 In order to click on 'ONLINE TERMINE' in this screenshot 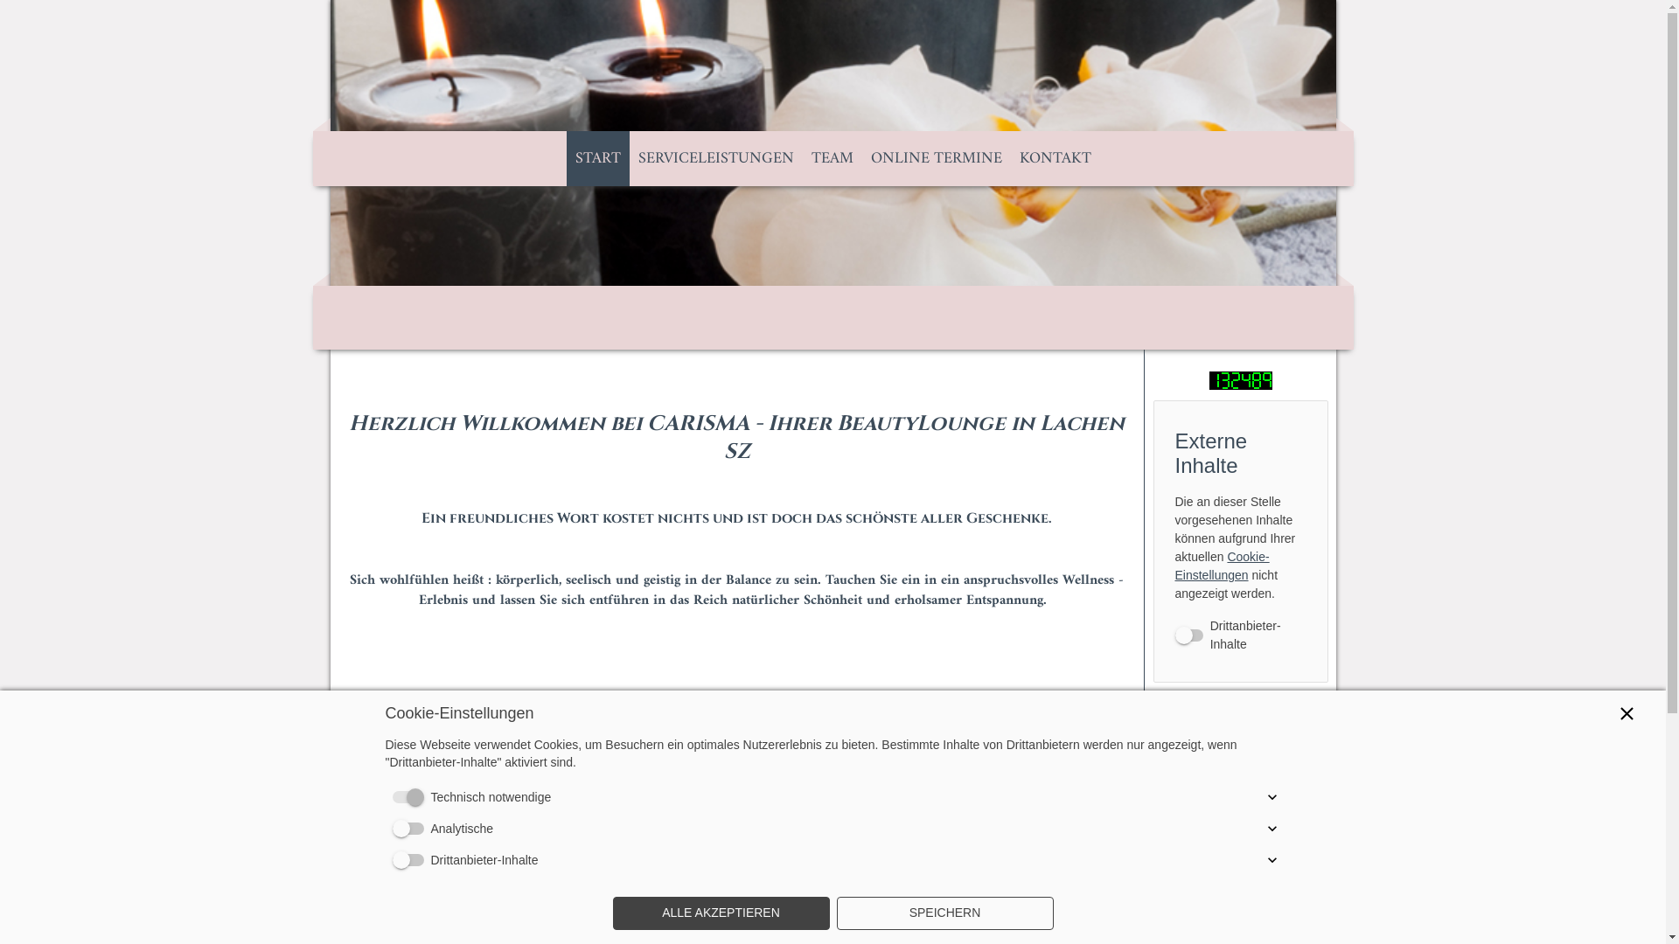, I will do `click(935, 158)`.